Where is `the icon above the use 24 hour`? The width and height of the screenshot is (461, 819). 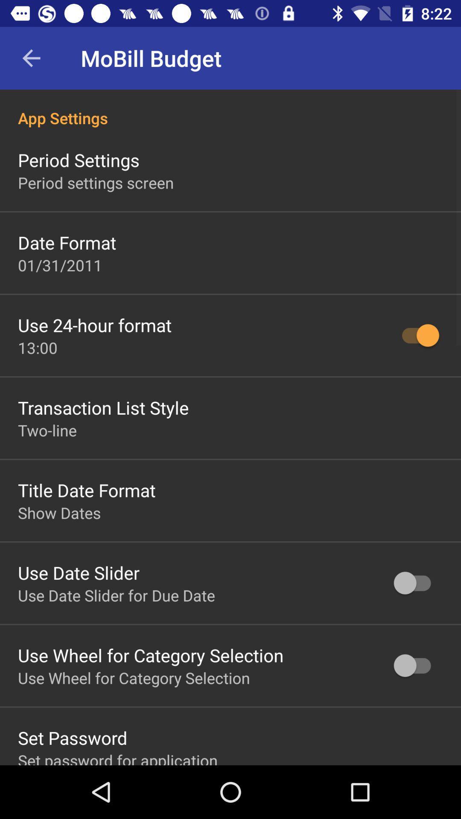 the icon above the use 24 hour is located at coordinates (60, 264).